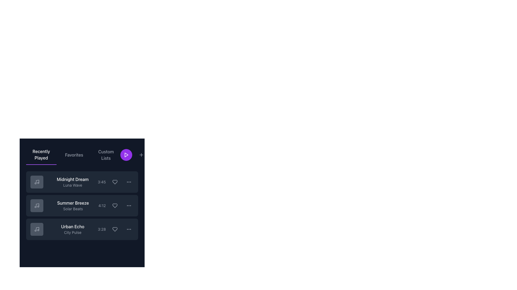 Image resolution: width=517 pixels, height=290 pixels. What do you see at coordinates (115, 182) in the screenshot?
I see `the heart button to like the song 'Midnight Dream', located immediately to the right of the song title and duration, just before the ellipsis menu` at bounding box center [115, 182].